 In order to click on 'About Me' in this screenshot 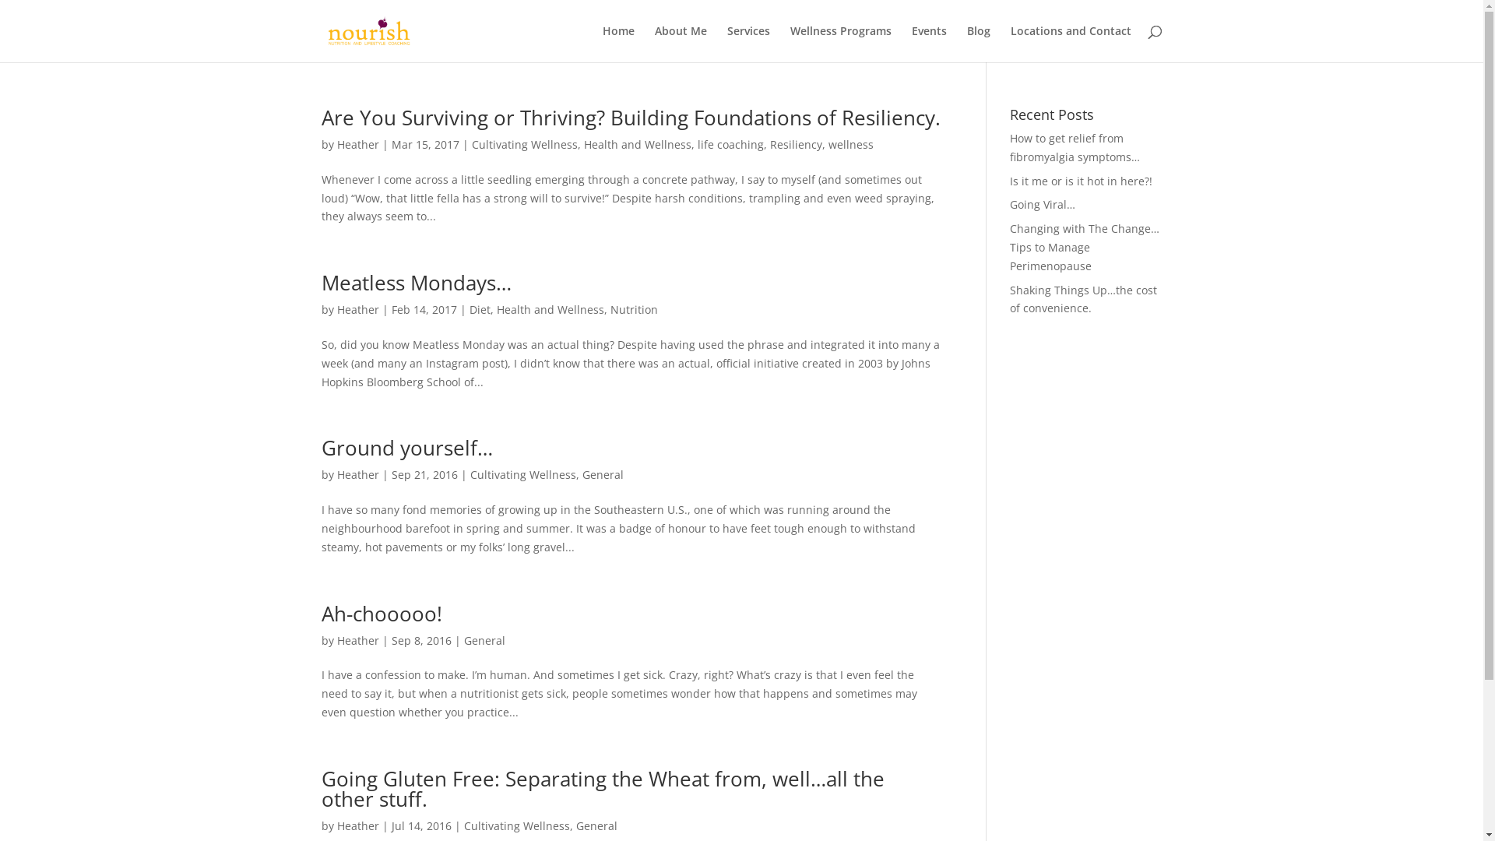, I will do `click(680, 43)`.